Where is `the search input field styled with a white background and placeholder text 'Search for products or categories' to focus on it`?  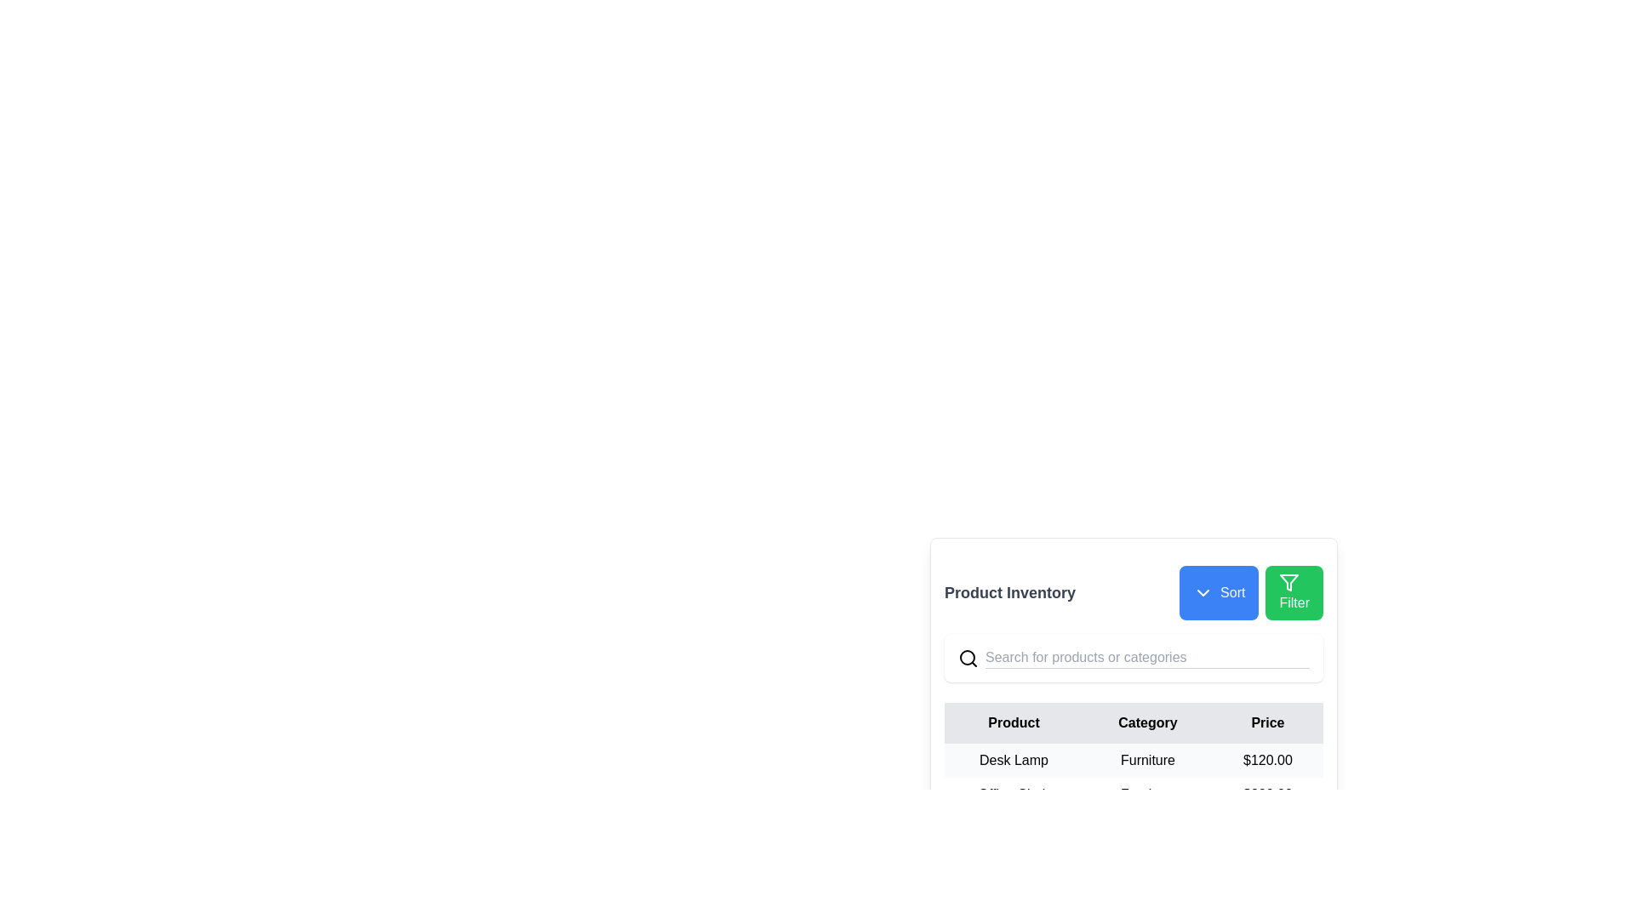 the search input field styled with a white background and placeholder text 'Search for products or categories' to focus on it is located at coordinates (1134, 657).